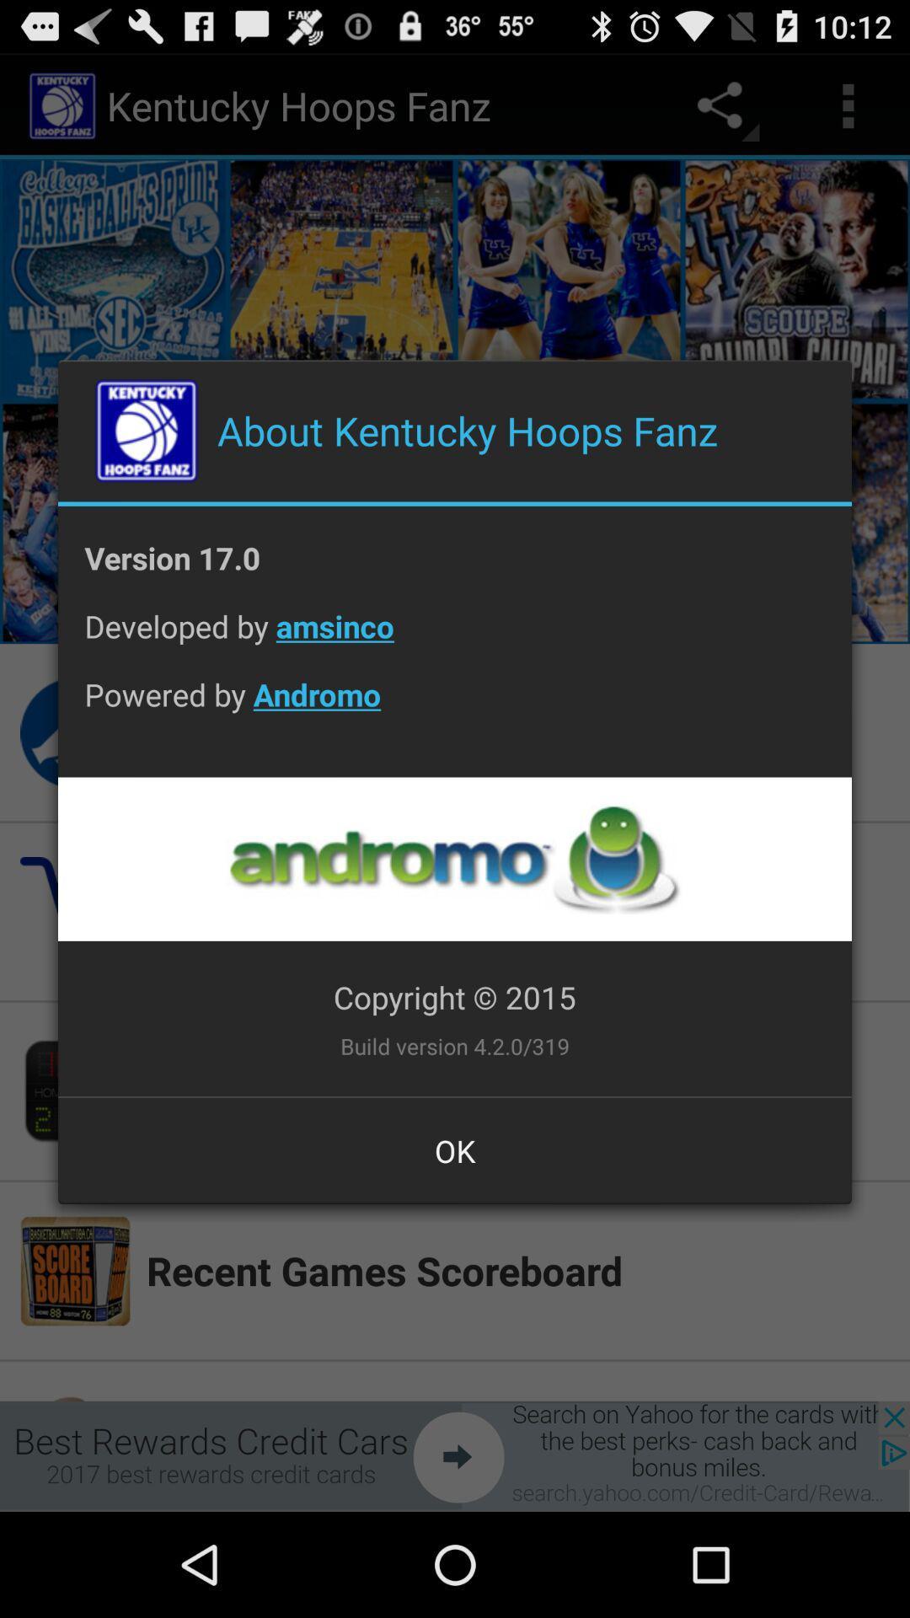 This screenshot has width=910, height=1618. I want to click on the powered by andromo item, so click(455, 708).